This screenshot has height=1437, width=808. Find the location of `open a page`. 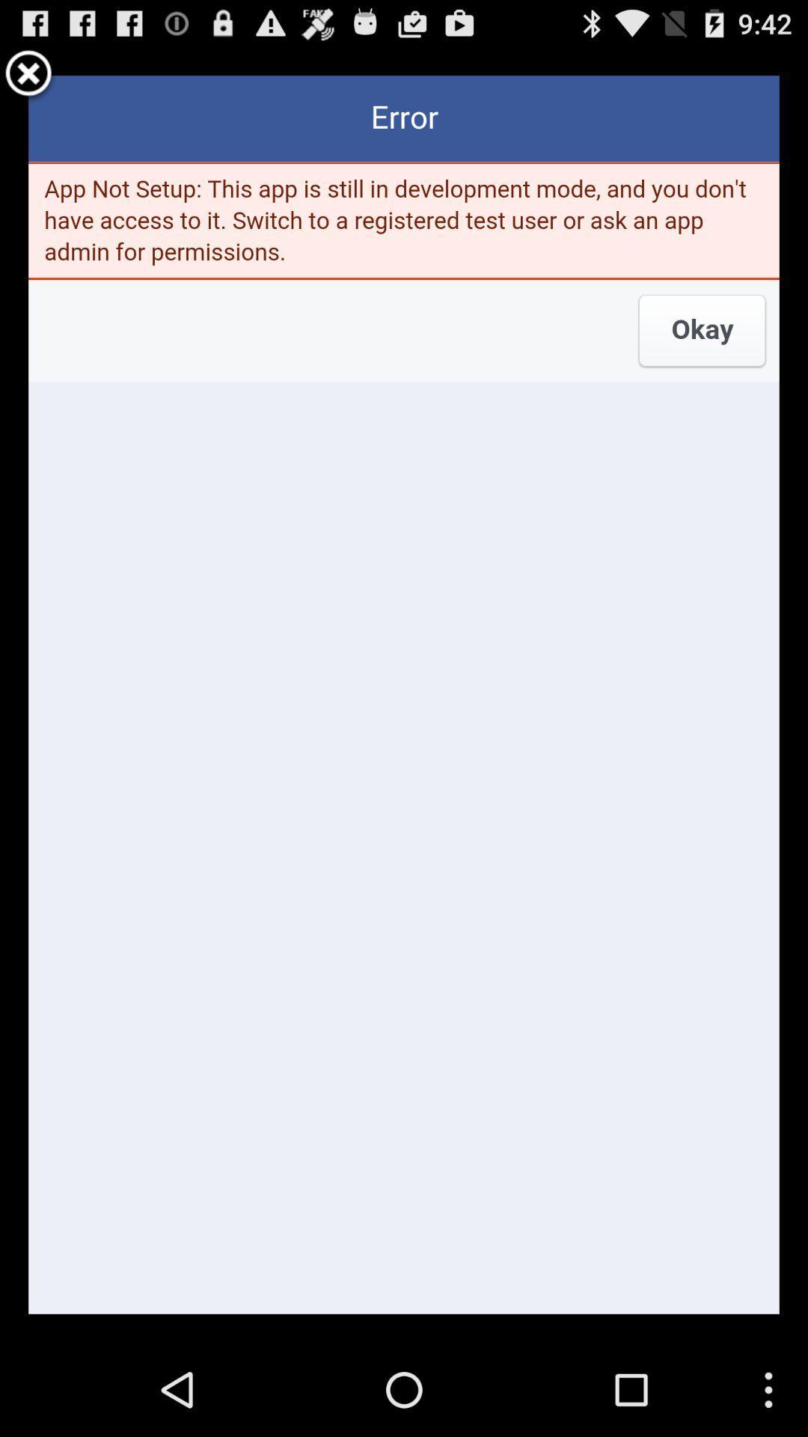

open a page is located at coordinates (404, 694).